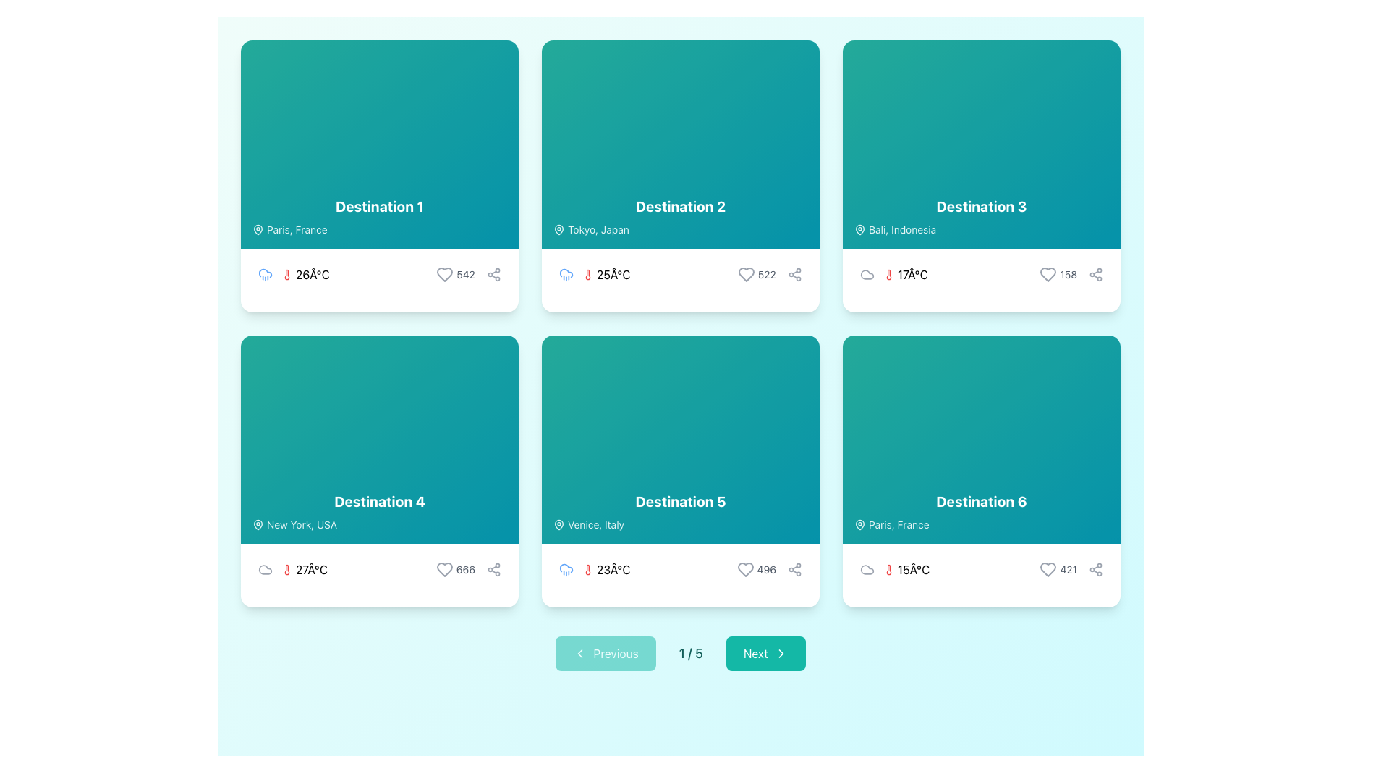  I want to click on the 'like' button with the heart icon and the text '421' located in the lower-right part of the card for 'Destination 6', so click(1058, 568).